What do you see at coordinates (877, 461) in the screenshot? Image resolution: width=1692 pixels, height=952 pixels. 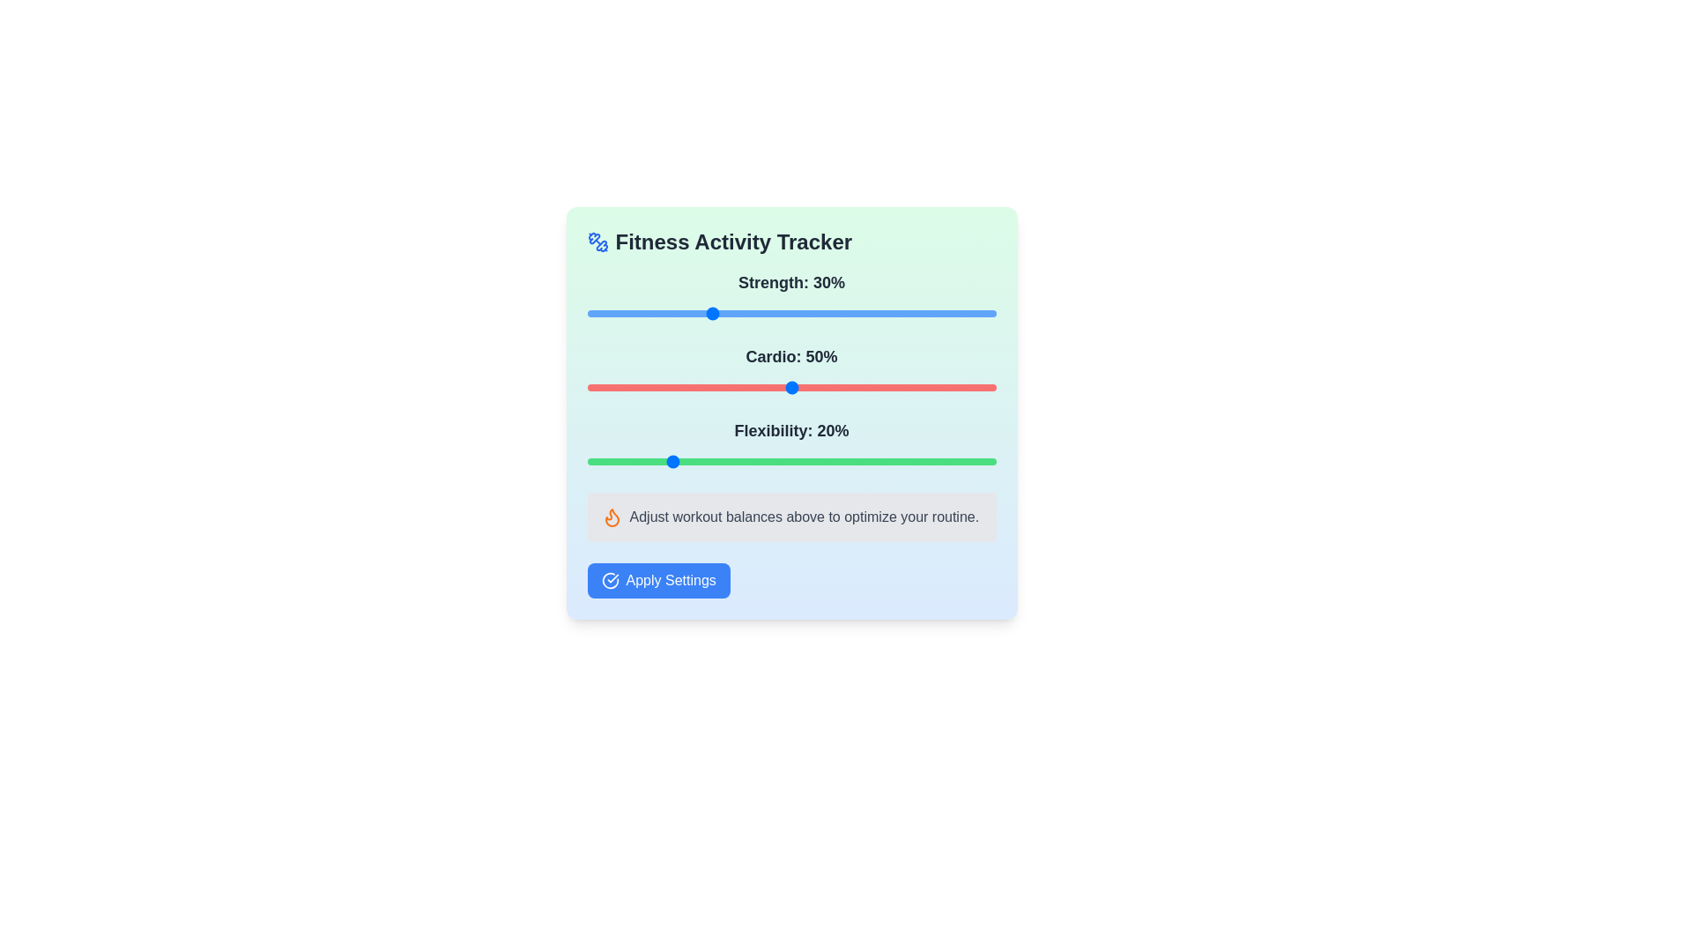 I see `the flexibility level` at bounding box center [877, 461].